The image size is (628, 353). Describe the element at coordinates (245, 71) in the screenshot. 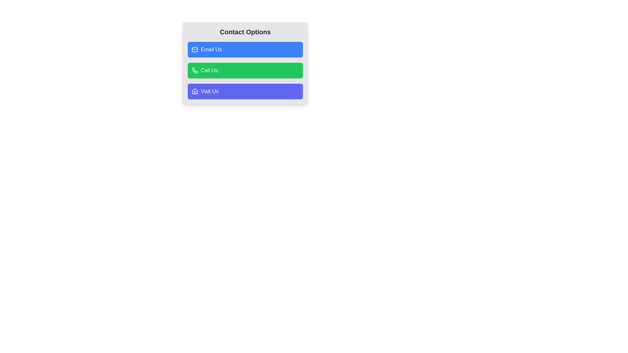

I see `the middle button in a vertical group of three buttons, which initiates a call` at that location.